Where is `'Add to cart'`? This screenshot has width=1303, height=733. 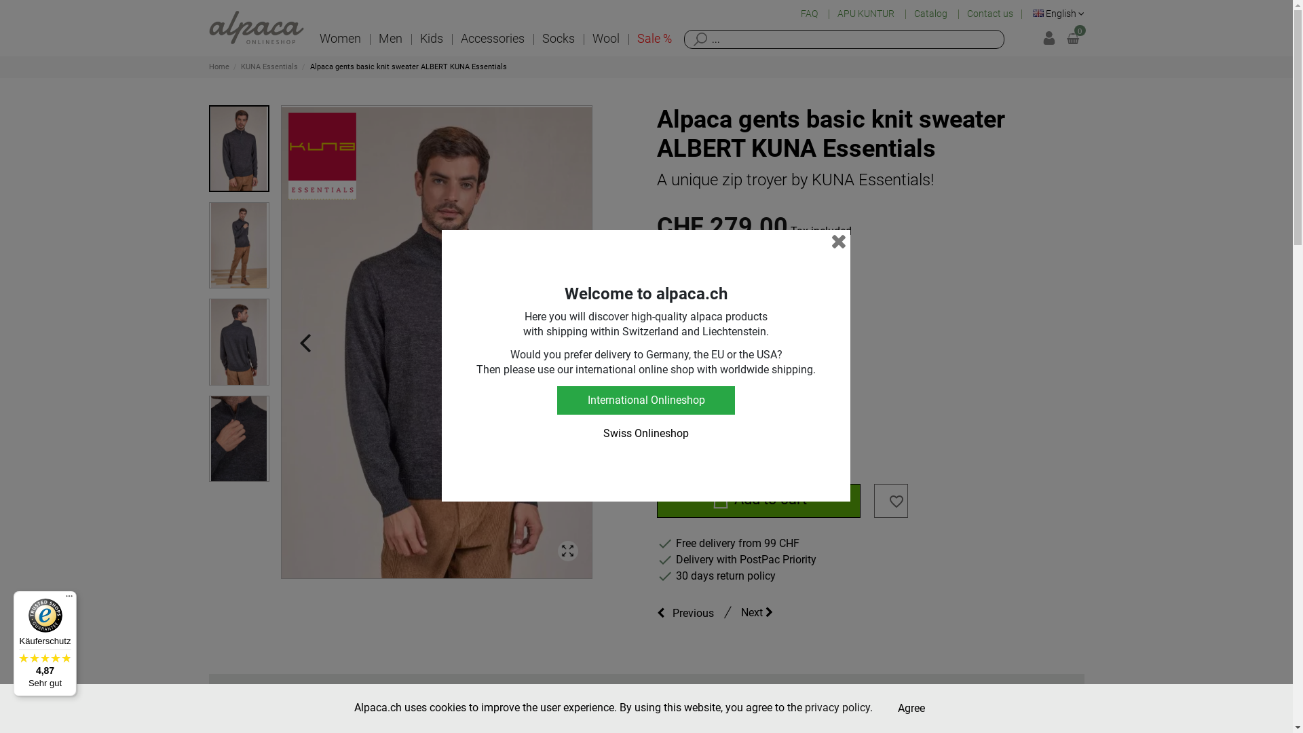
'Add to cart' is located at coordinates (657, 500).